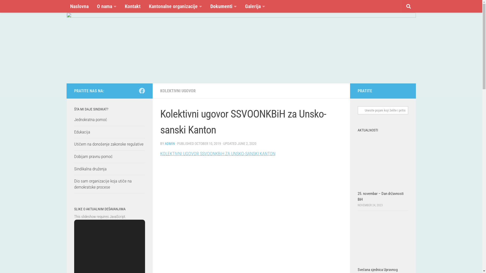 Image resolution: width=486 pixels, height=273 pixels. I want to click on 'Follow us on Facebook', so click(138, 90).